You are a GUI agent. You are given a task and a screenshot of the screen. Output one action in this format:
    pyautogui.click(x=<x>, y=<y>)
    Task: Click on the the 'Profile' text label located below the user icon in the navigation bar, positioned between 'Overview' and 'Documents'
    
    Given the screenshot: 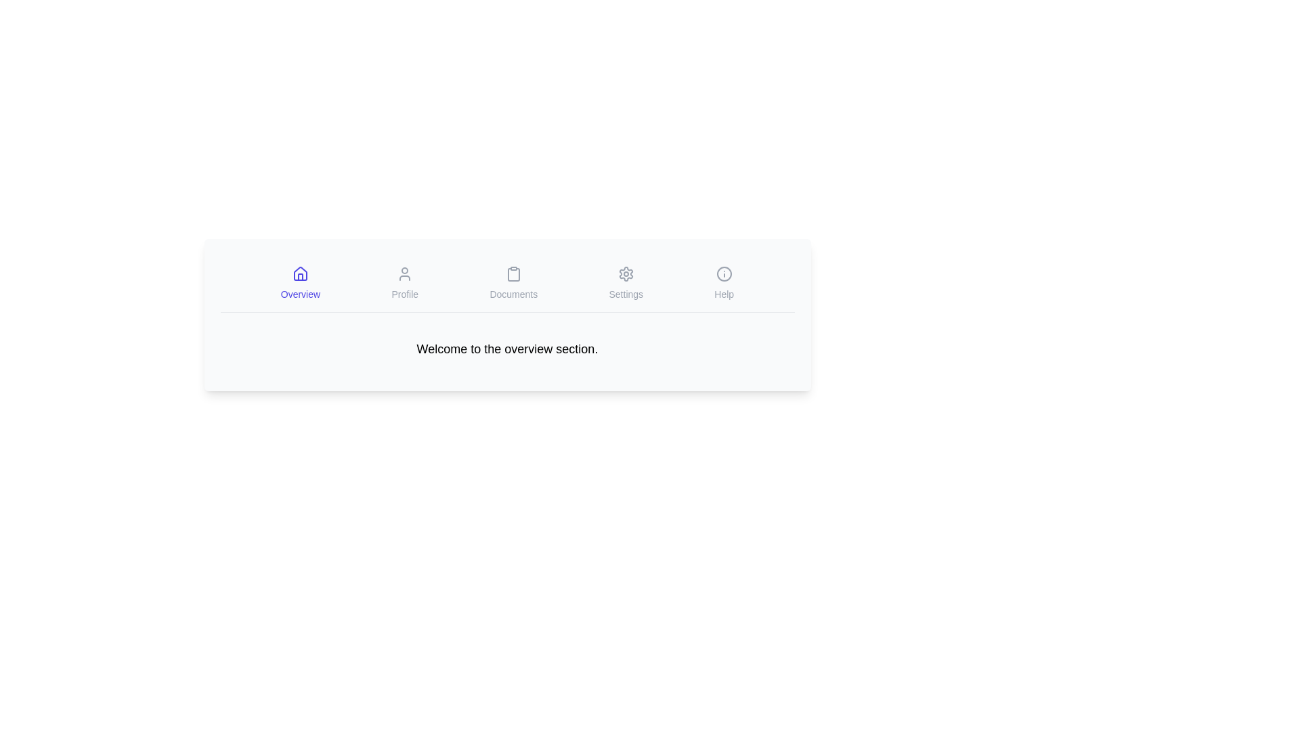 What is the action you would take?
    pyautogui.click(x=404, y=294)
    